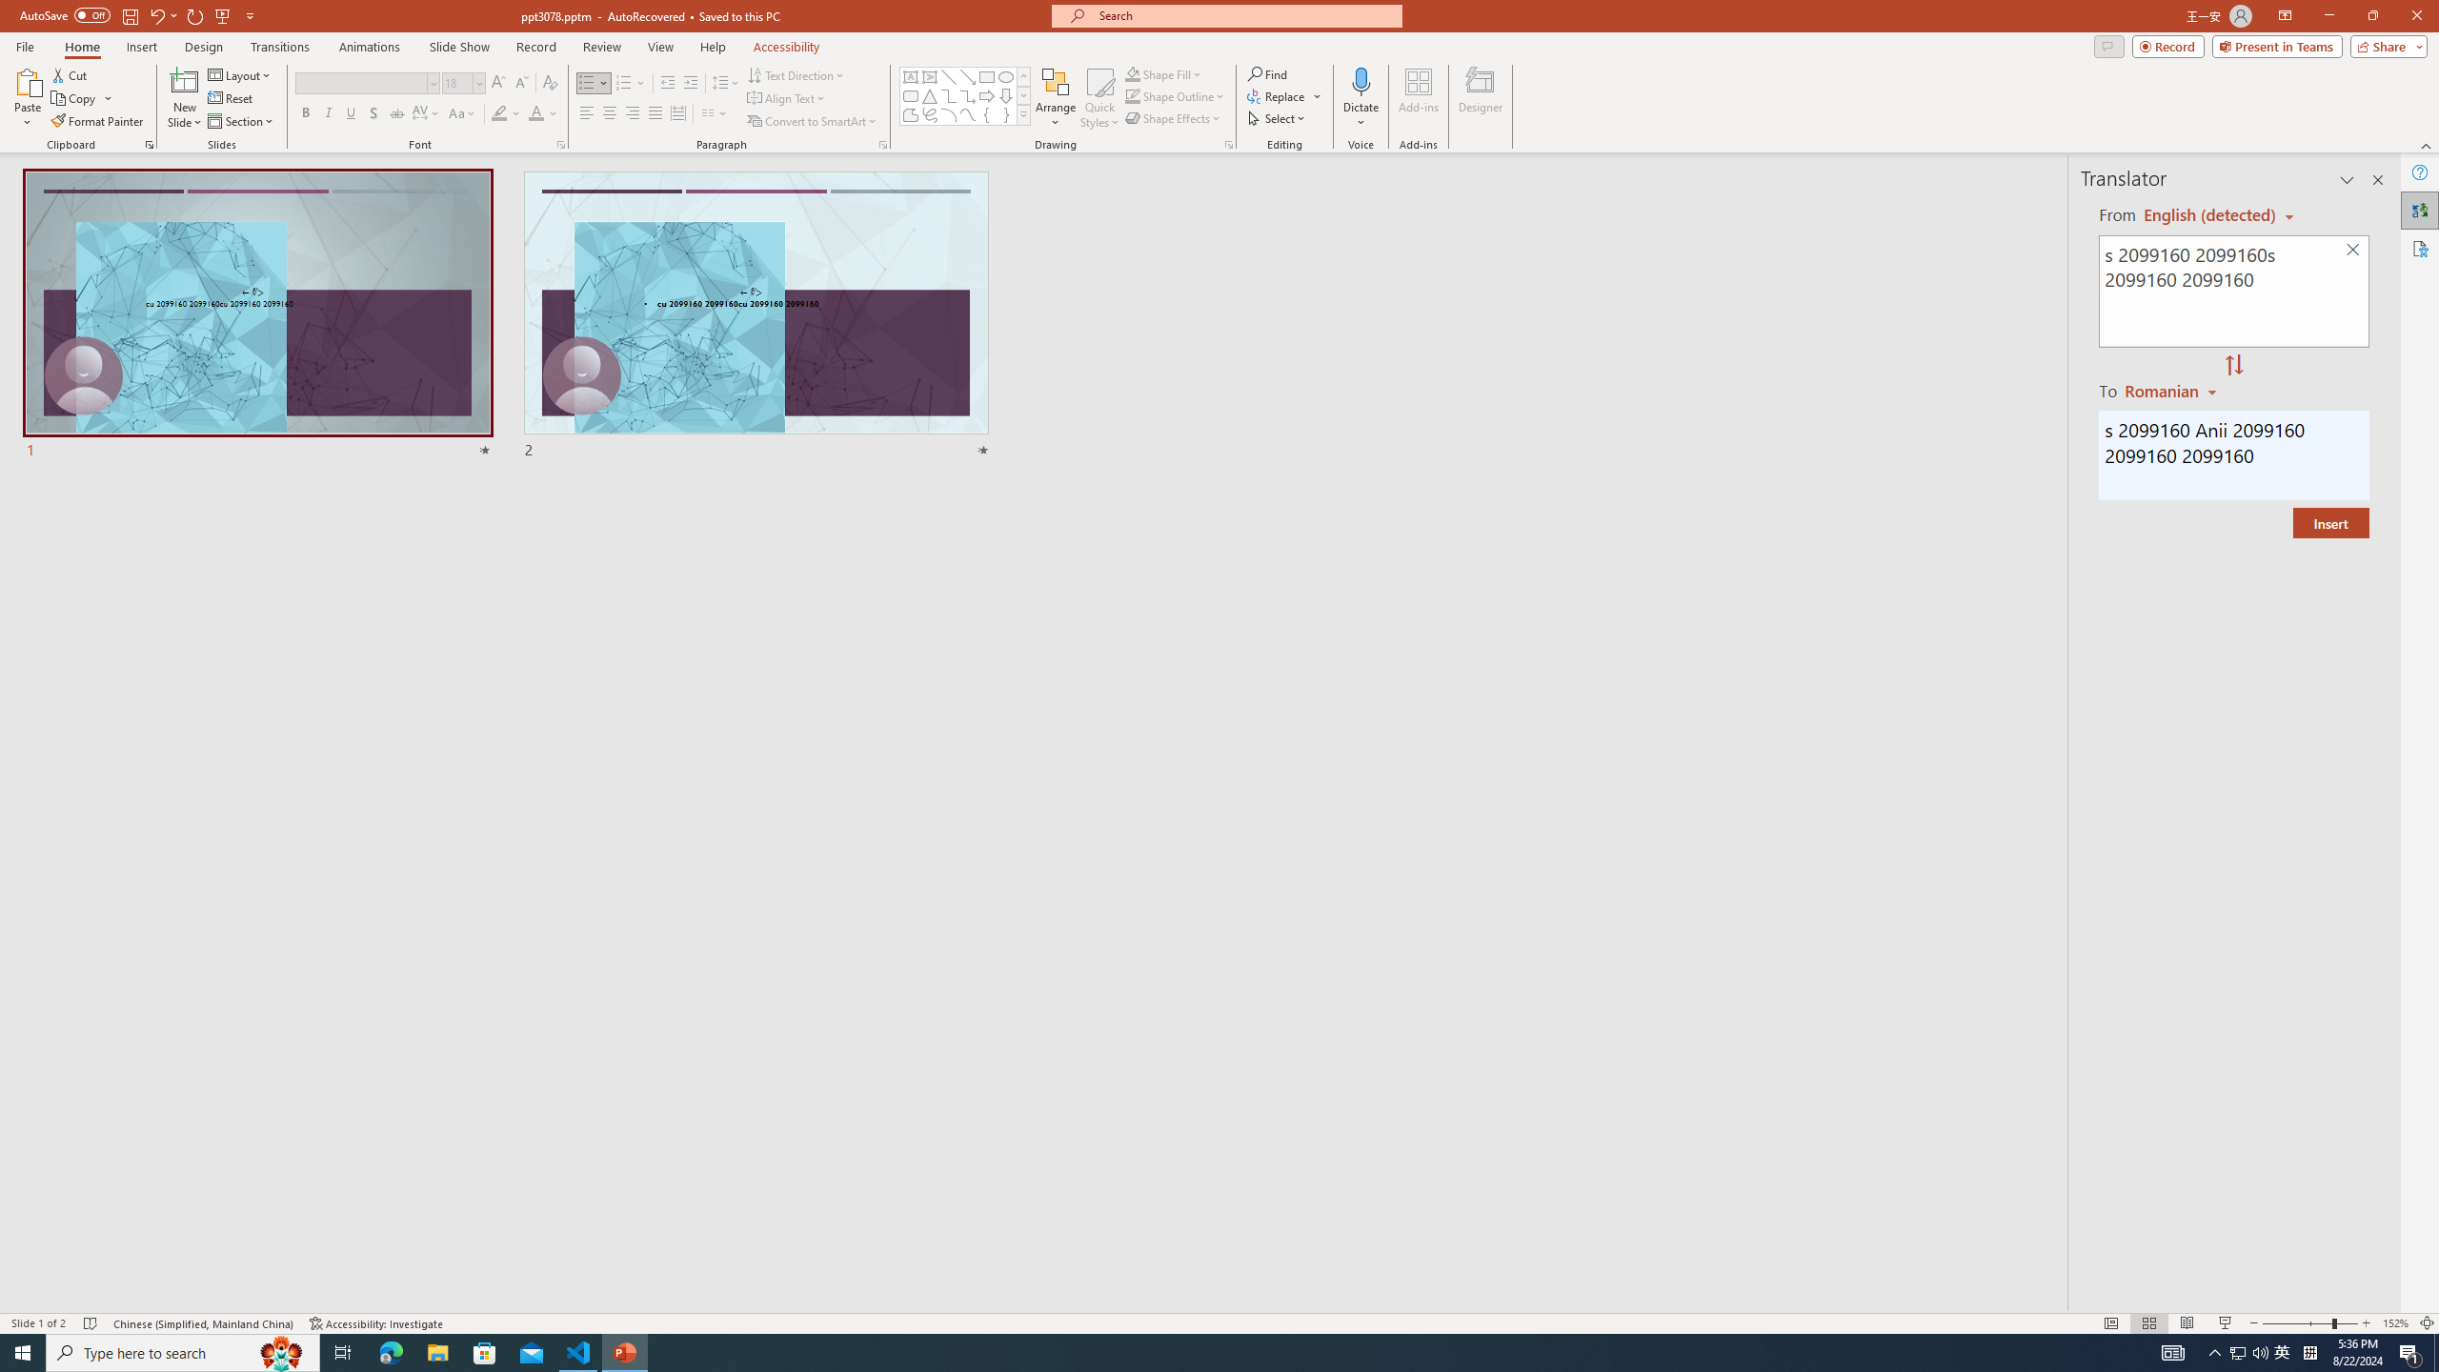  What do you see at coordinates (1173, 116) in the screenshot?
I see `'Shape Effects'` at bounding box center [1173, 116].